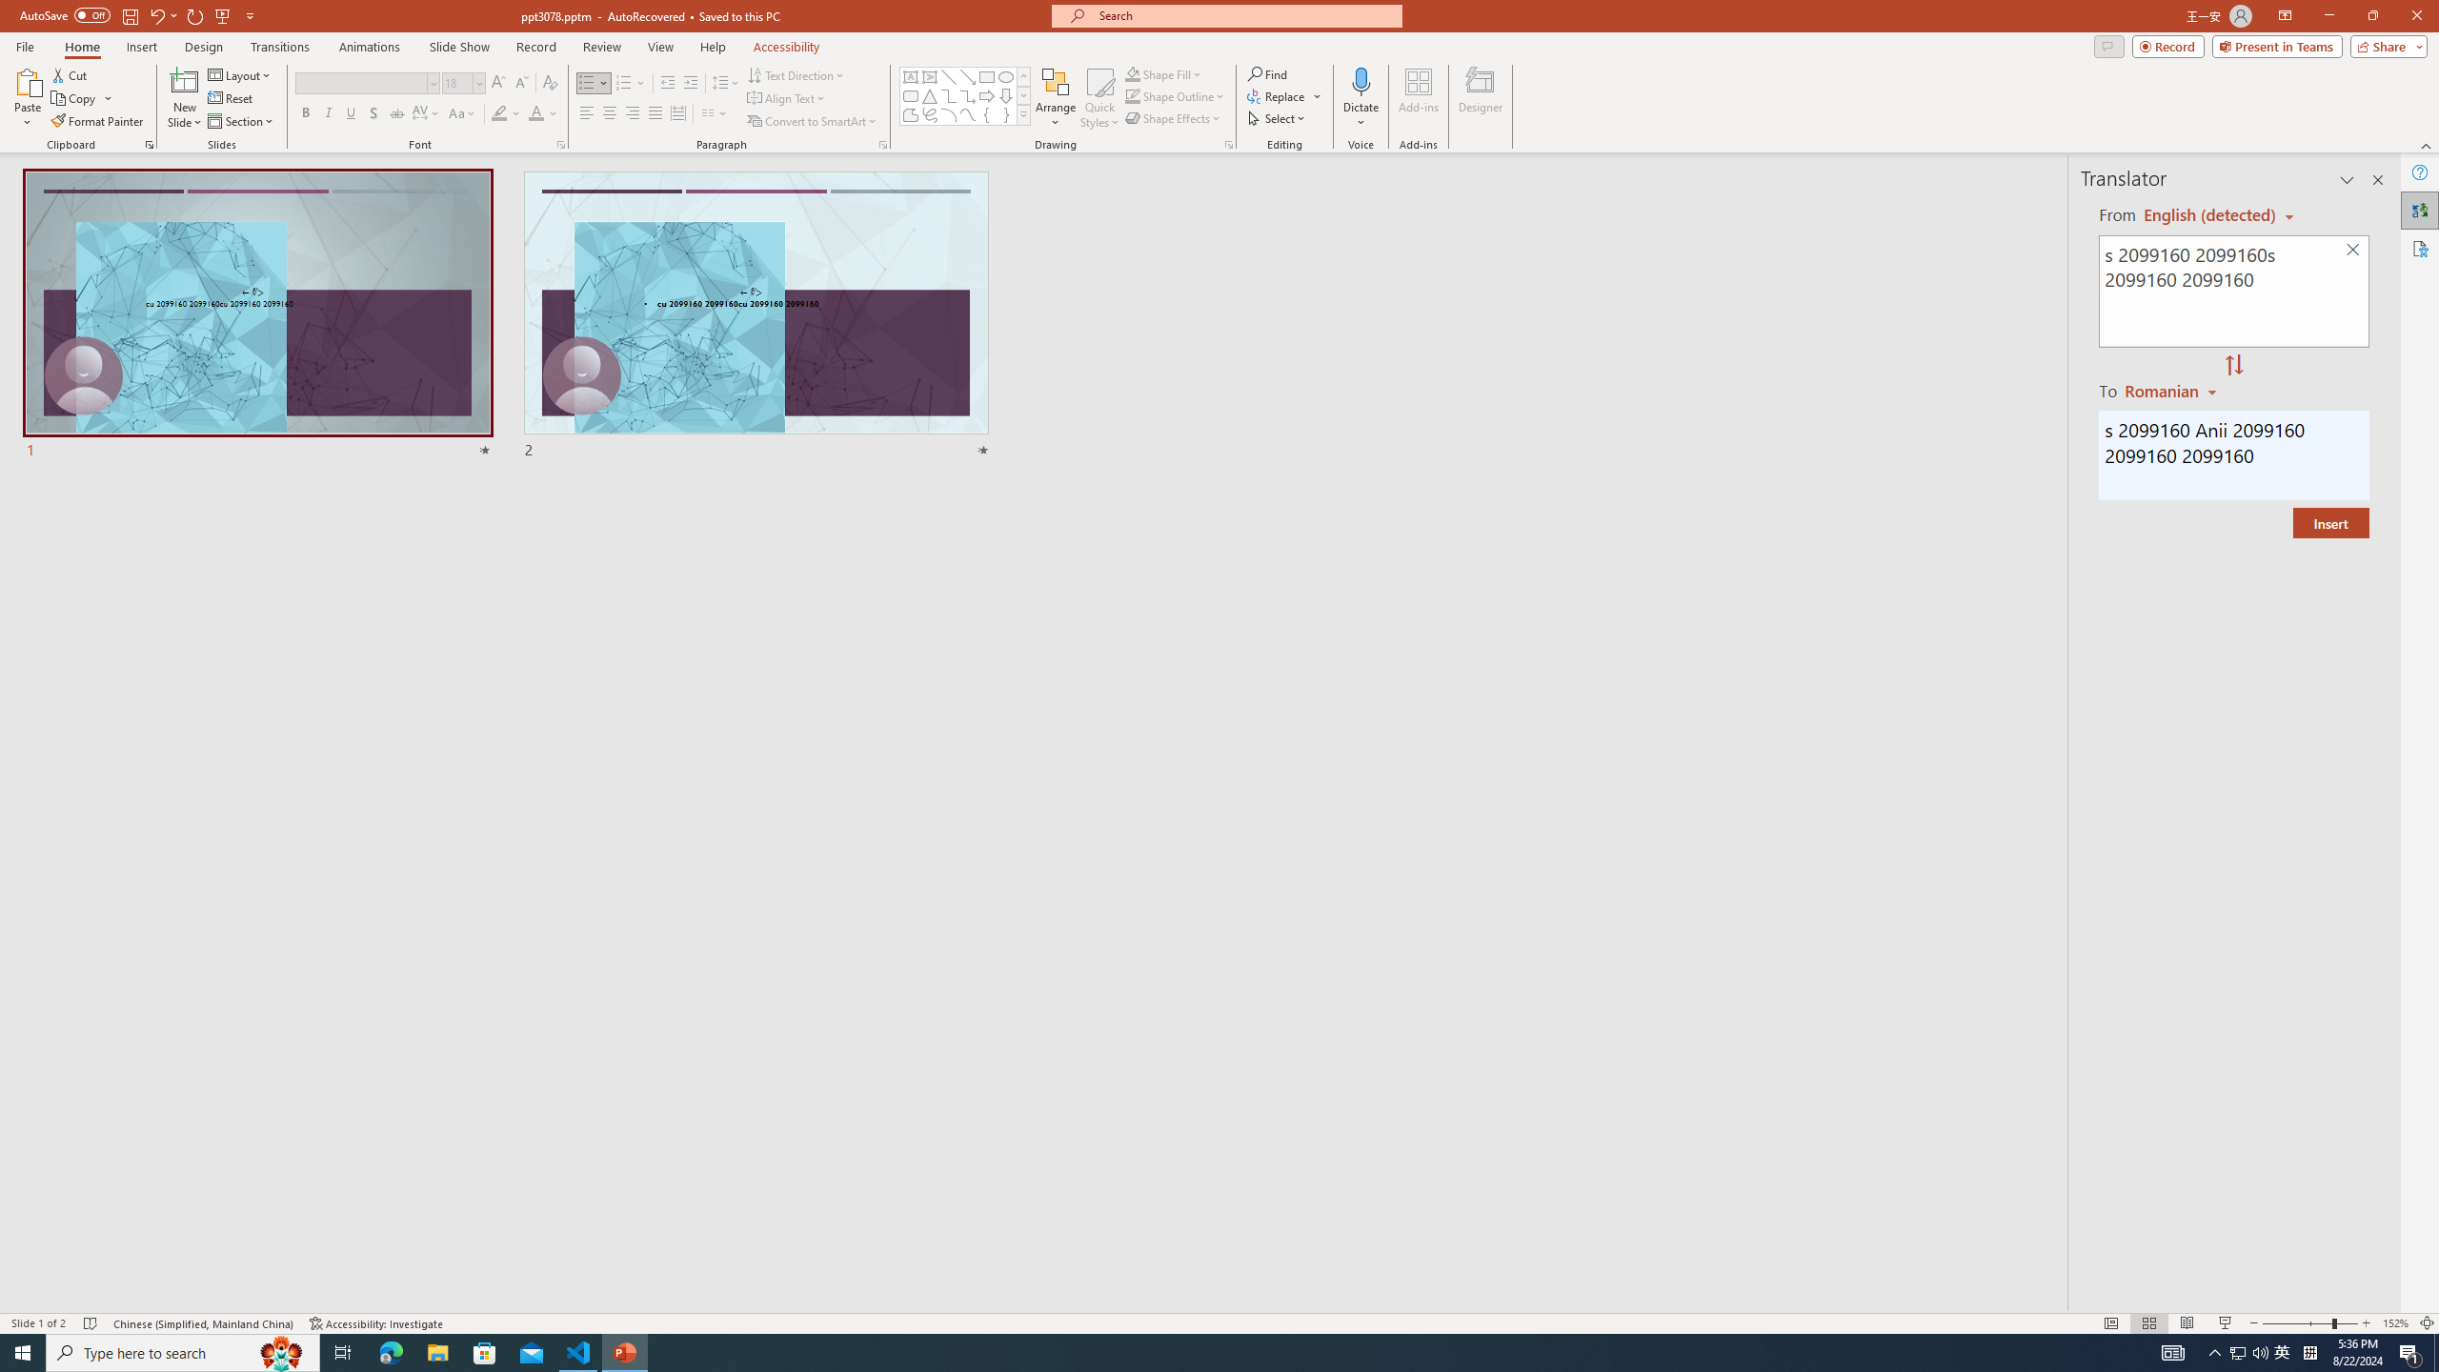  What do you see at coordinates (1173, 116) in the screenshot?
I see `'Shape Effects'` at bounding box center [1173, 116].